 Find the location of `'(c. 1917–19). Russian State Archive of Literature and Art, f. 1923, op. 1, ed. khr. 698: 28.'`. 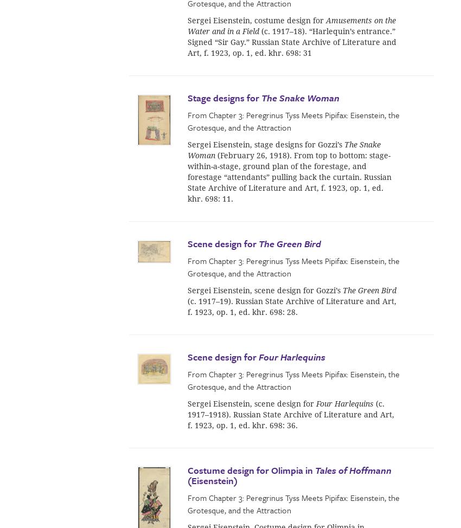

'(c. 1917–19). Russian State Archive of Literature and Art, f. 1923, op. 1, ed. khr. 698: 28.' is located at coordinates (291, 306).